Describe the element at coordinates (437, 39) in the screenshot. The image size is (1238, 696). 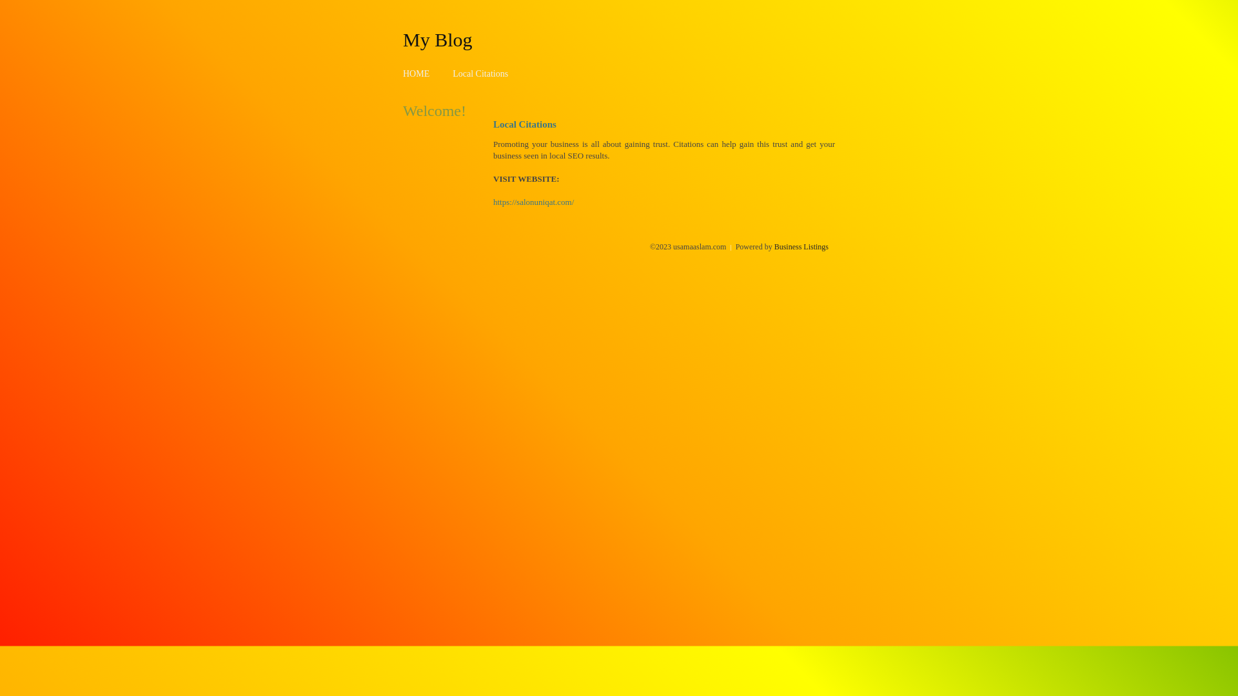
I see `'My Blog'` at that location.